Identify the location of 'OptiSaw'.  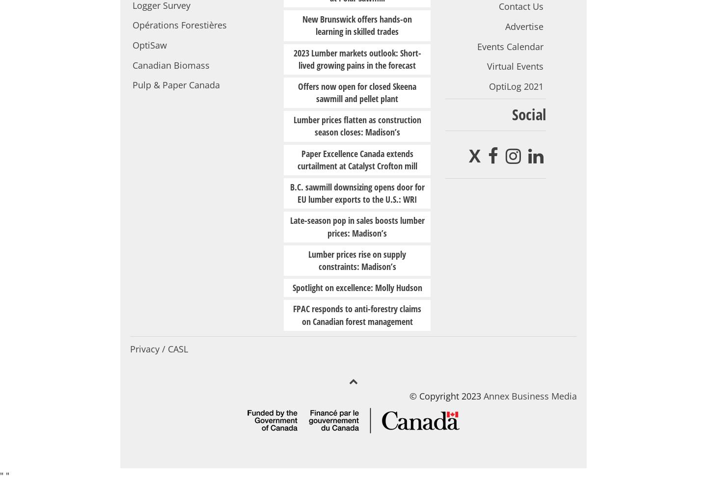
(149, 45).